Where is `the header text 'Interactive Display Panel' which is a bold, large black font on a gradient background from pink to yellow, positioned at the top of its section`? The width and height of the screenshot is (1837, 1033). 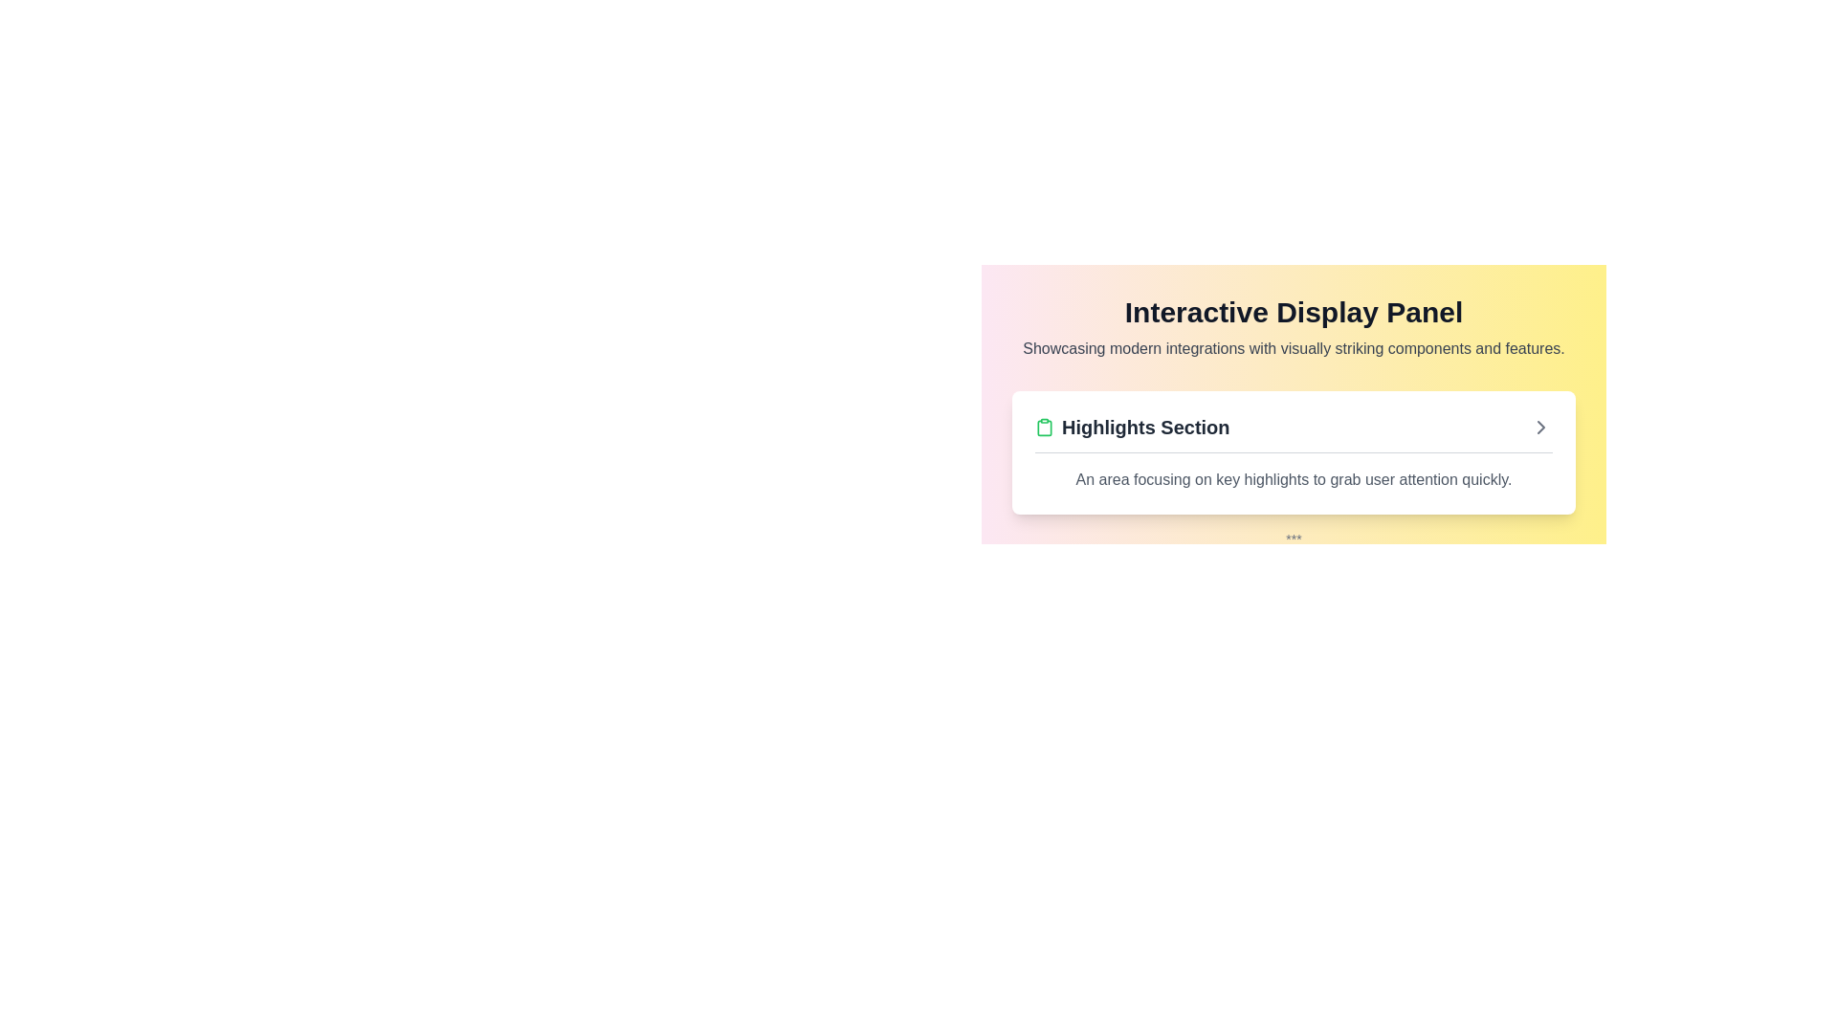 the header text 'Interactive Display Panel' which is a bold, large black font on a gradient background from pink to yellow, positioned at the top of its section is located at coordinates (1294, 312).